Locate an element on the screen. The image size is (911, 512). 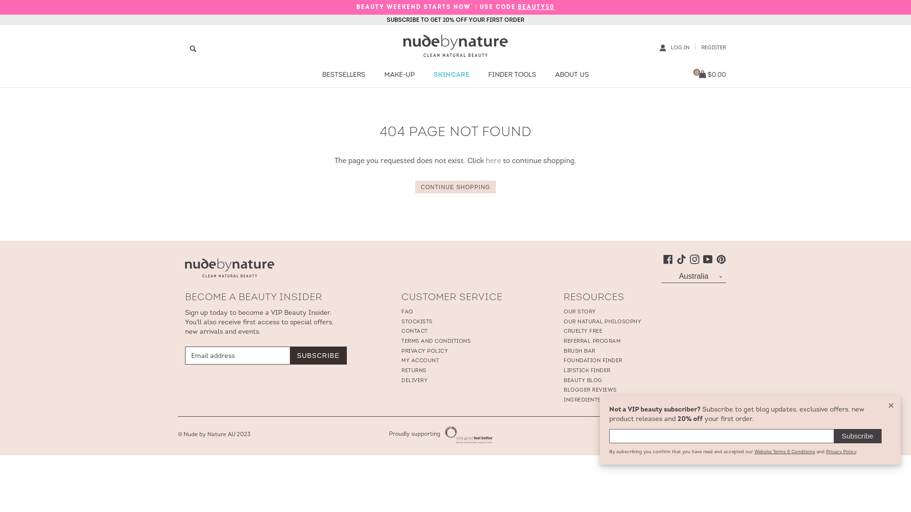
'BEAUTY BLOG' is located at coordinates (564, 380).